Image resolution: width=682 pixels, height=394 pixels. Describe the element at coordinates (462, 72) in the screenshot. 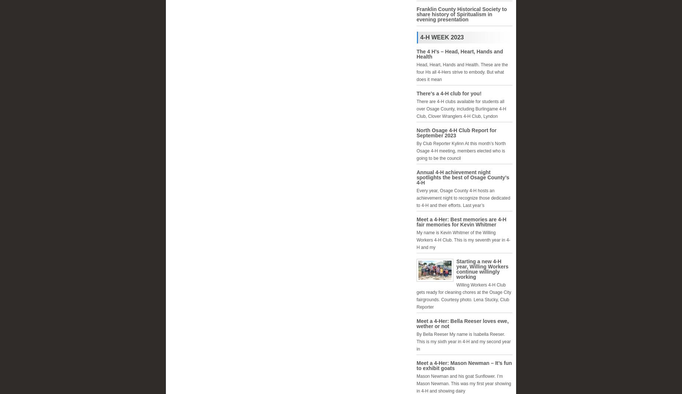

I see `'Head, Heart, Hands and Health. These are the four Hs all 4-Hers strive to embody. But what does it mean'` at that location.